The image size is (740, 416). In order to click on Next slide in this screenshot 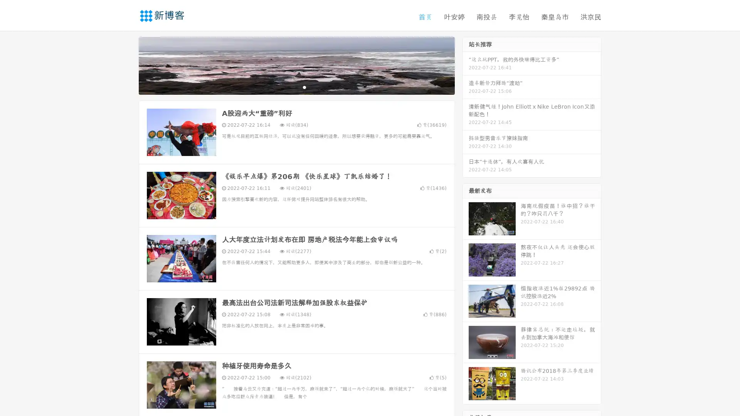, I will do `click(466, 65)`.